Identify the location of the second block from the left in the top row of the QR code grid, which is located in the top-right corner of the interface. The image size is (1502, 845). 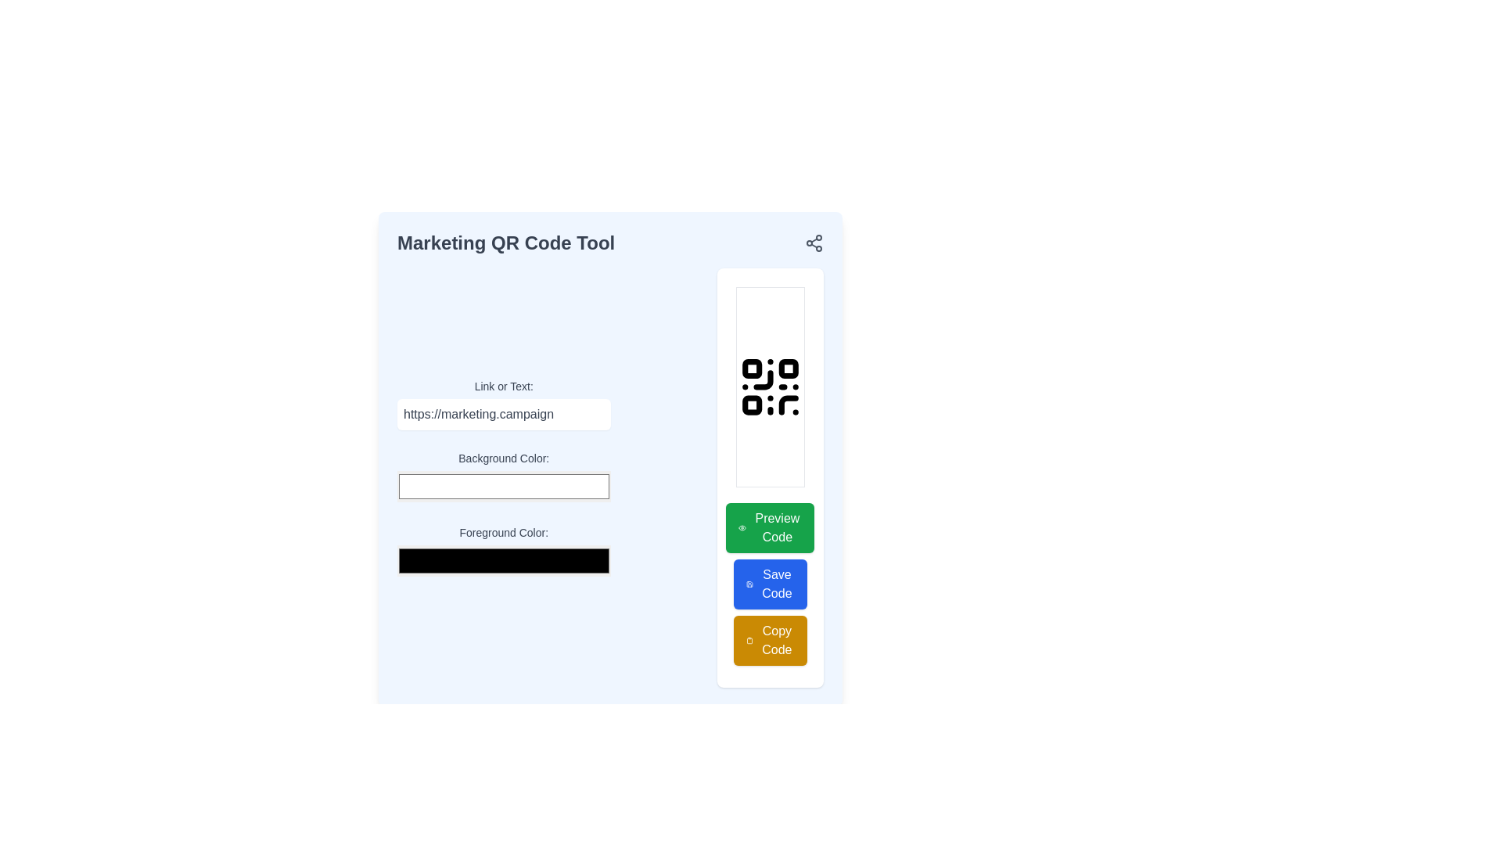
(789, 369).